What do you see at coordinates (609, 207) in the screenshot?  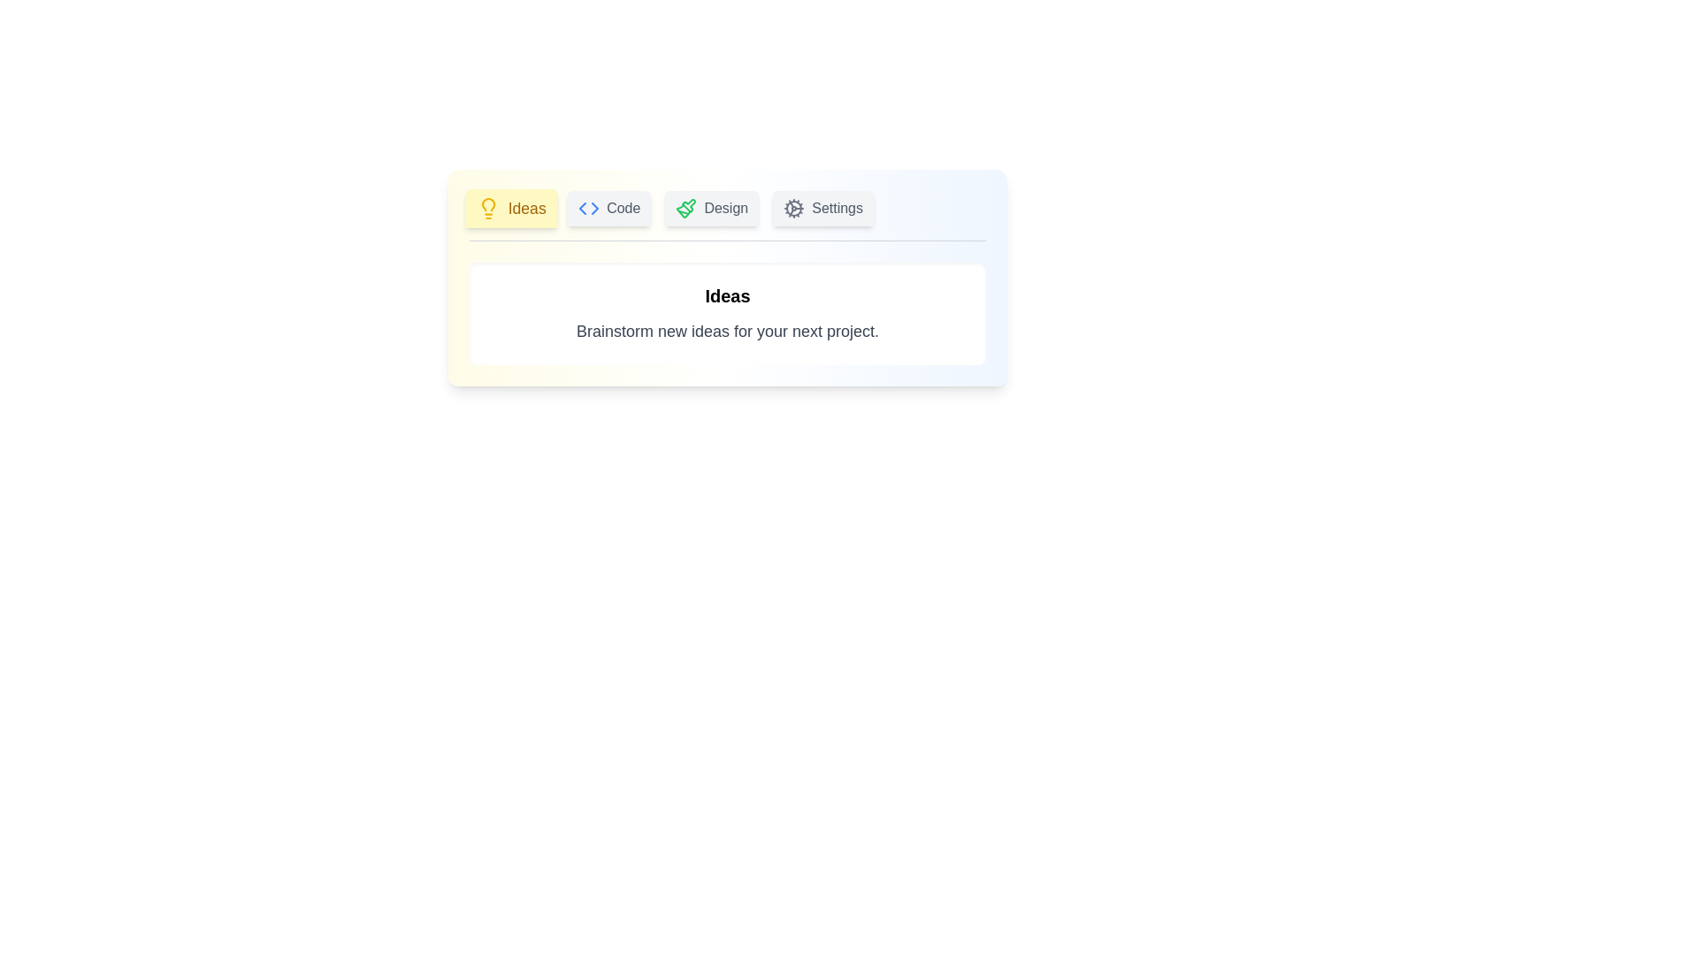 I see `the Code tab` at bounding box center [609, 207].